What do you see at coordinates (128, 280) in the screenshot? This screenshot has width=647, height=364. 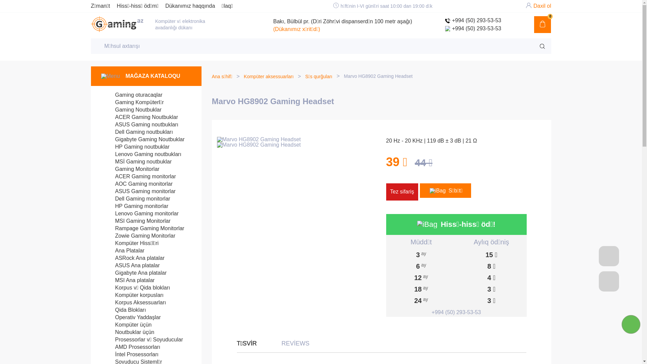 I see `'MSI Ana platalar'` at bounding box center [128, 280].